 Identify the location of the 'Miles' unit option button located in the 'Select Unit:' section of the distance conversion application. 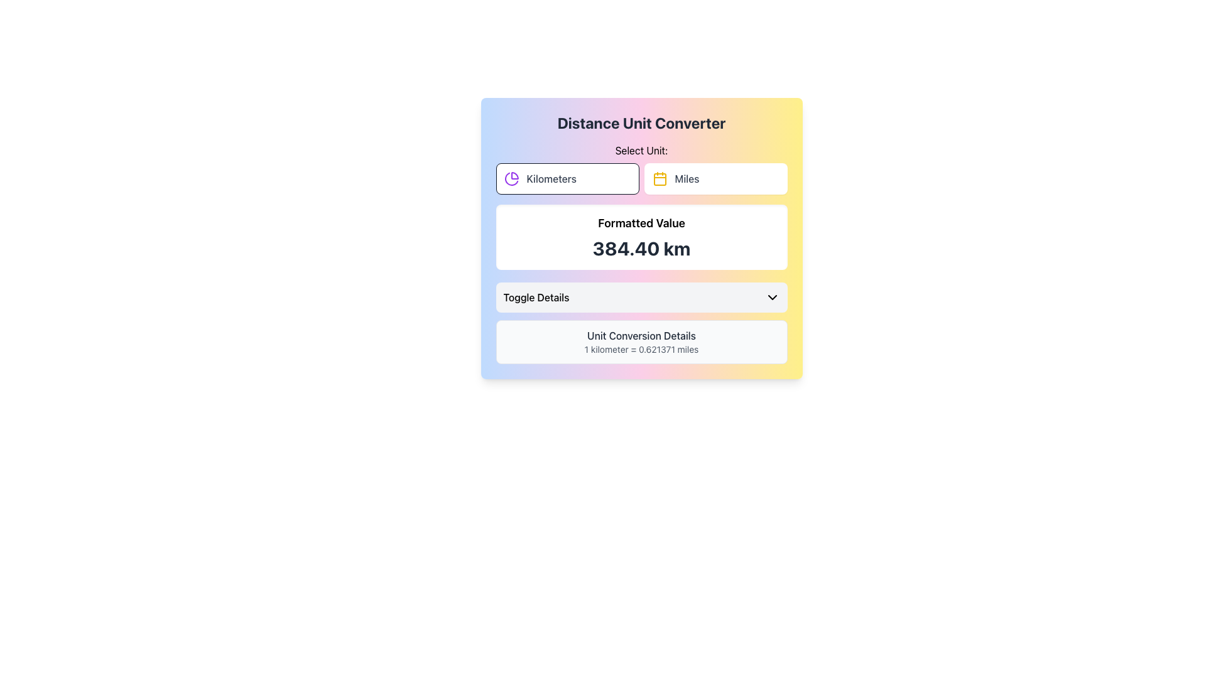
(687, 179).